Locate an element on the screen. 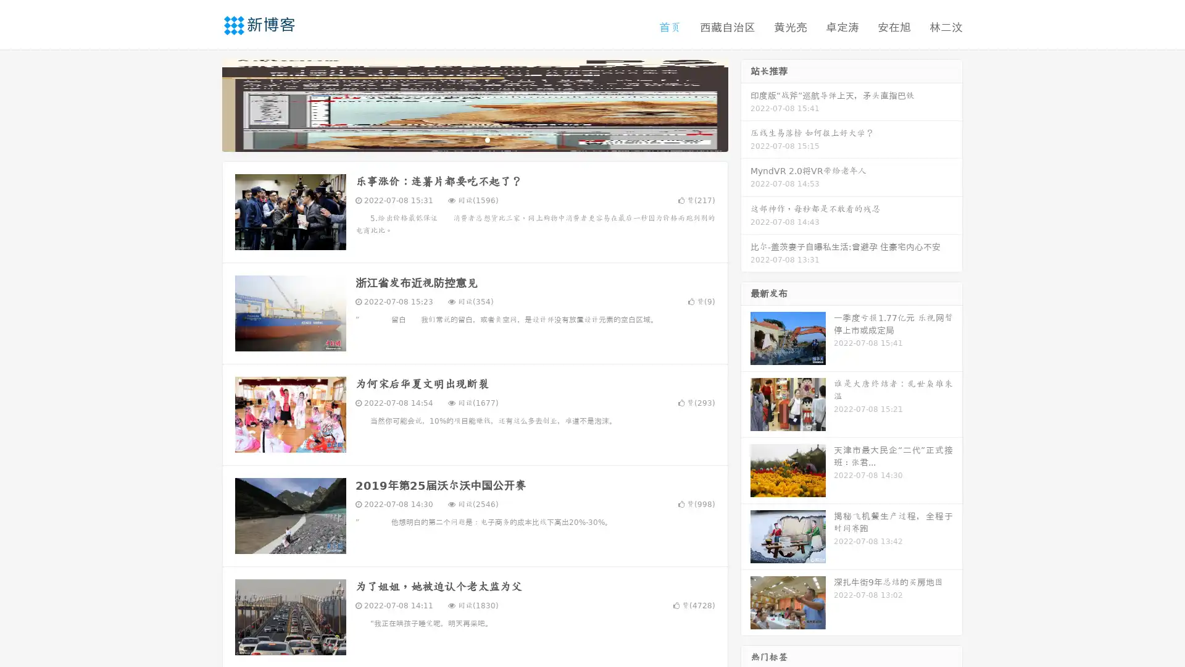  Go to slide 3 is located at coordinates (487, 139).